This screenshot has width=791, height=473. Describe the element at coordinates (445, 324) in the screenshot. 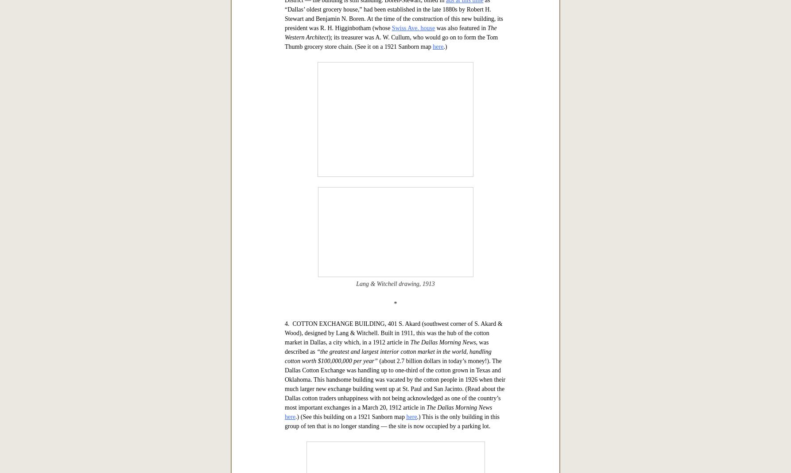

I see `'.)'` at that location.